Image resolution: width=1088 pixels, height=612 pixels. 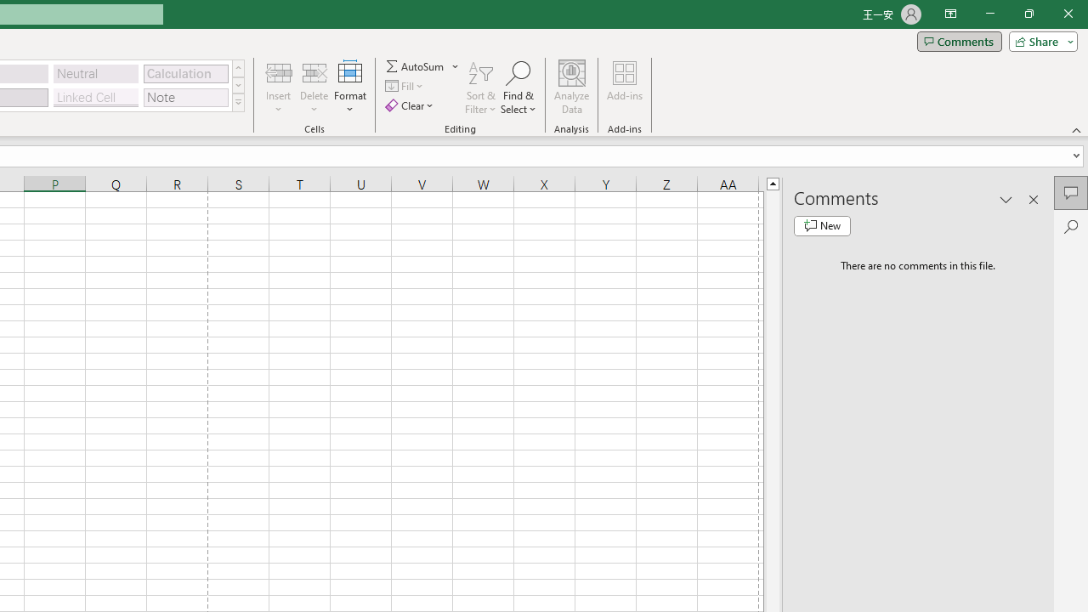 What do you see at coordinates (185, 97) in the screenshot?
I see `'Note'` at bounding box center [185, 97].